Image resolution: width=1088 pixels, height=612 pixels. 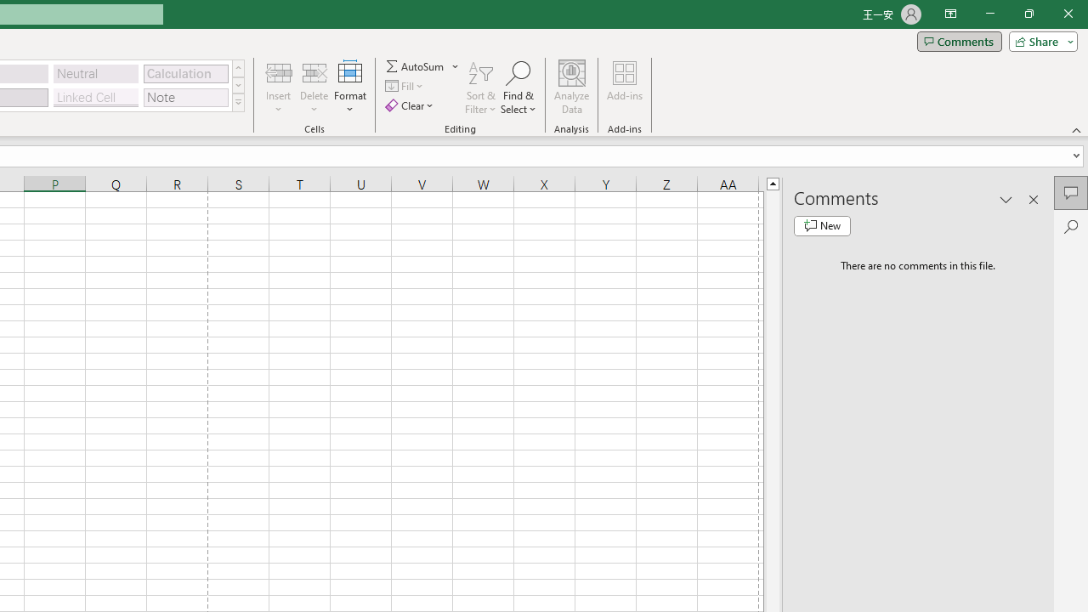 What do you see at coordinates (185, 97) in the screenshot?
I see `'Note'` at bounding box center [185, 97].